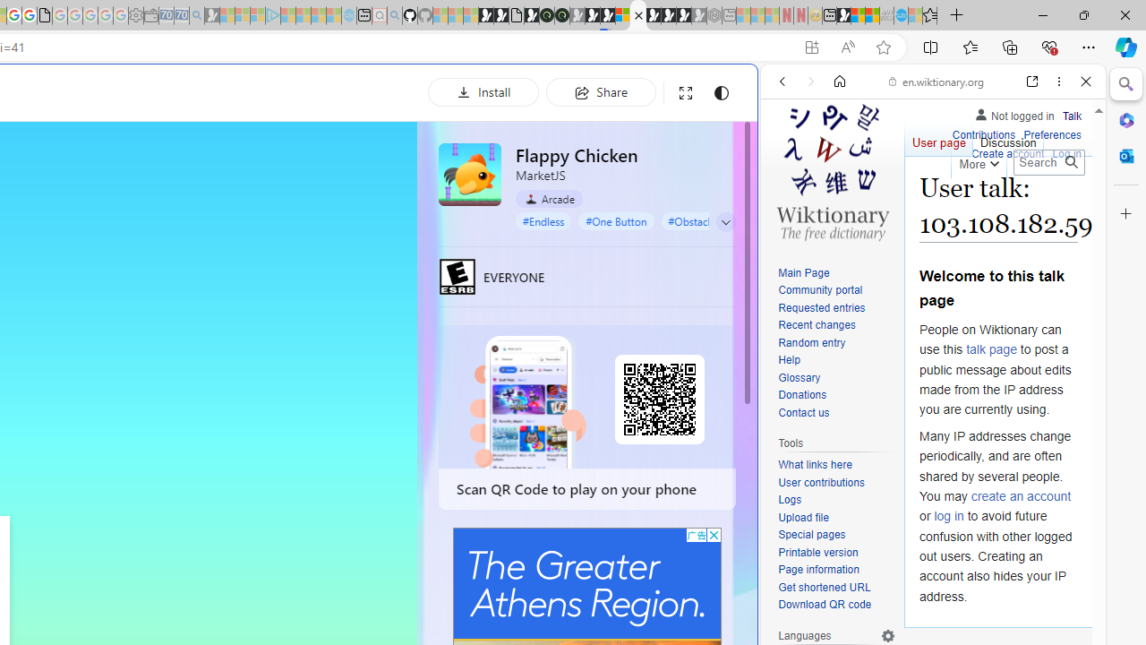  What do you see at coordinates (1021, 495) in the screenshot?
I see `'create an account'` at bounding box center [1021, 495].